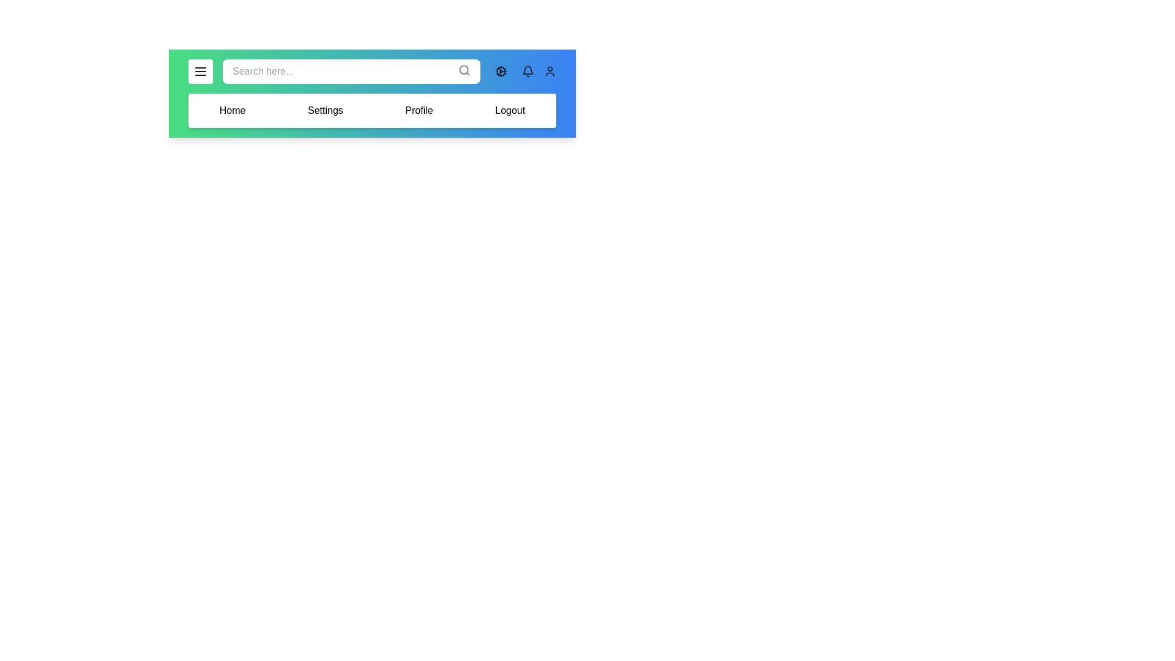  What do you see at coordinates (501, 71) in the screenshot?
I see `the cog icon to toggle dark mode` at bounding box center [501, 71].